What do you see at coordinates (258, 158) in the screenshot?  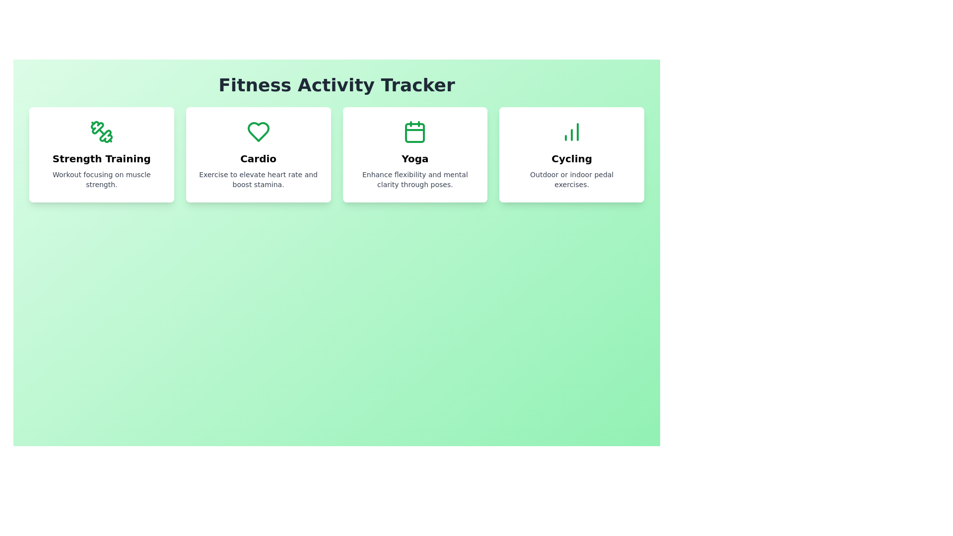 I see `the 'Cardio' section title label, which is the second title in a horizontal layout of four cards, located at the center of a white card between the 'Strength Training' and 'Yoga' cards` at bounding box center [258, 158].